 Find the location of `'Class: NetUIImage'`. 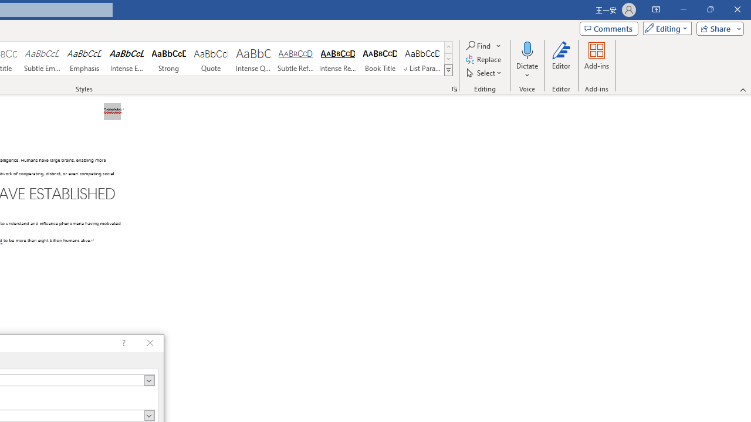

'Class: NetUIImage' is located at coordinates (448, 70).